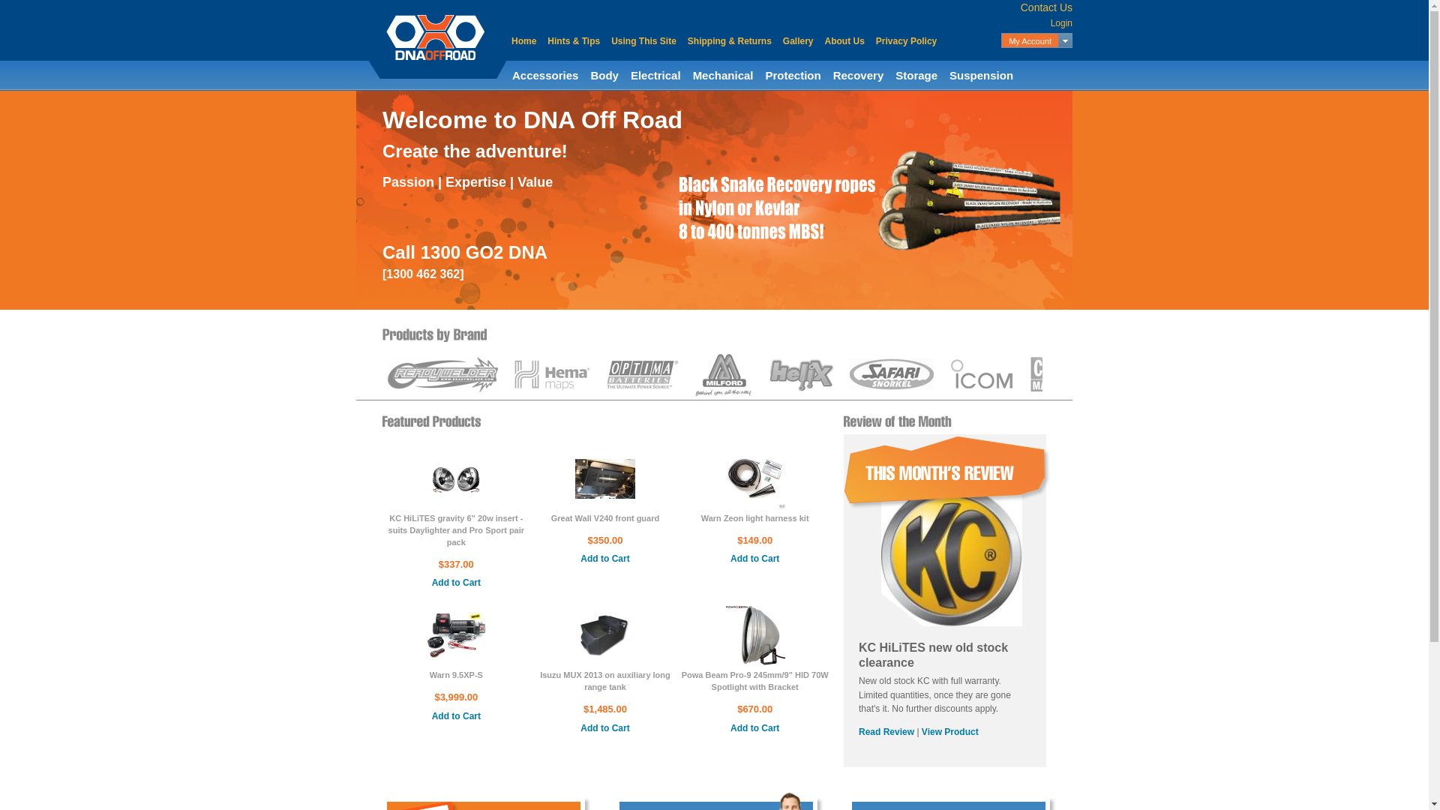  Describe the element at coordinates (886, 730) in the screenshot. I see `'Read Review'` at that location.